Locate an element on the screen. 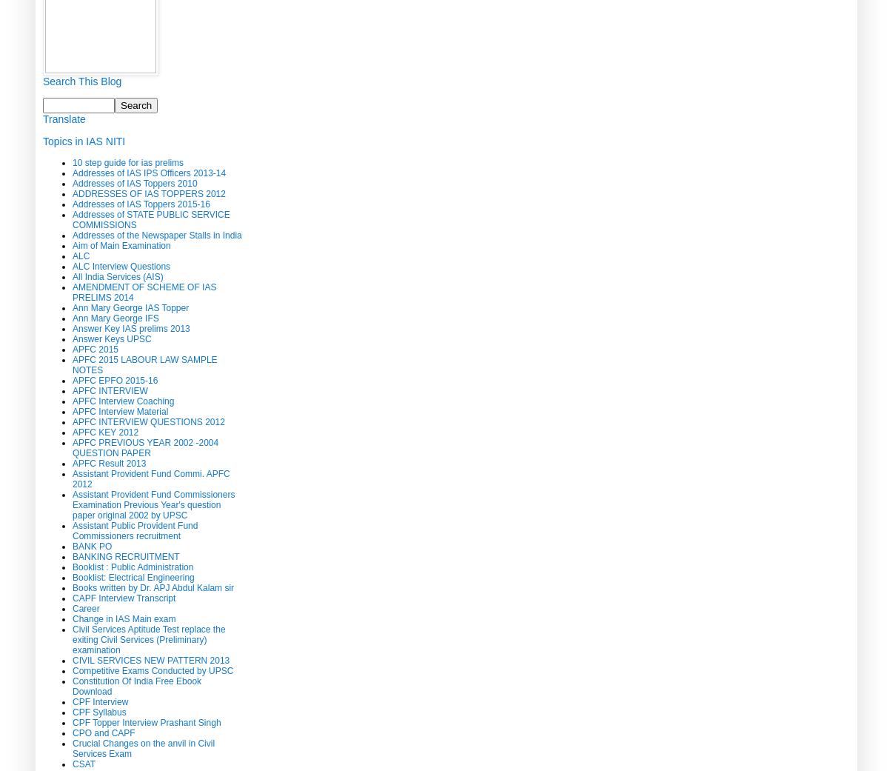  'Assistant Provident Fund Commissioners Examination Previous Year's question paper original 2002 by UPSC' is located at coordinates (153, 504).